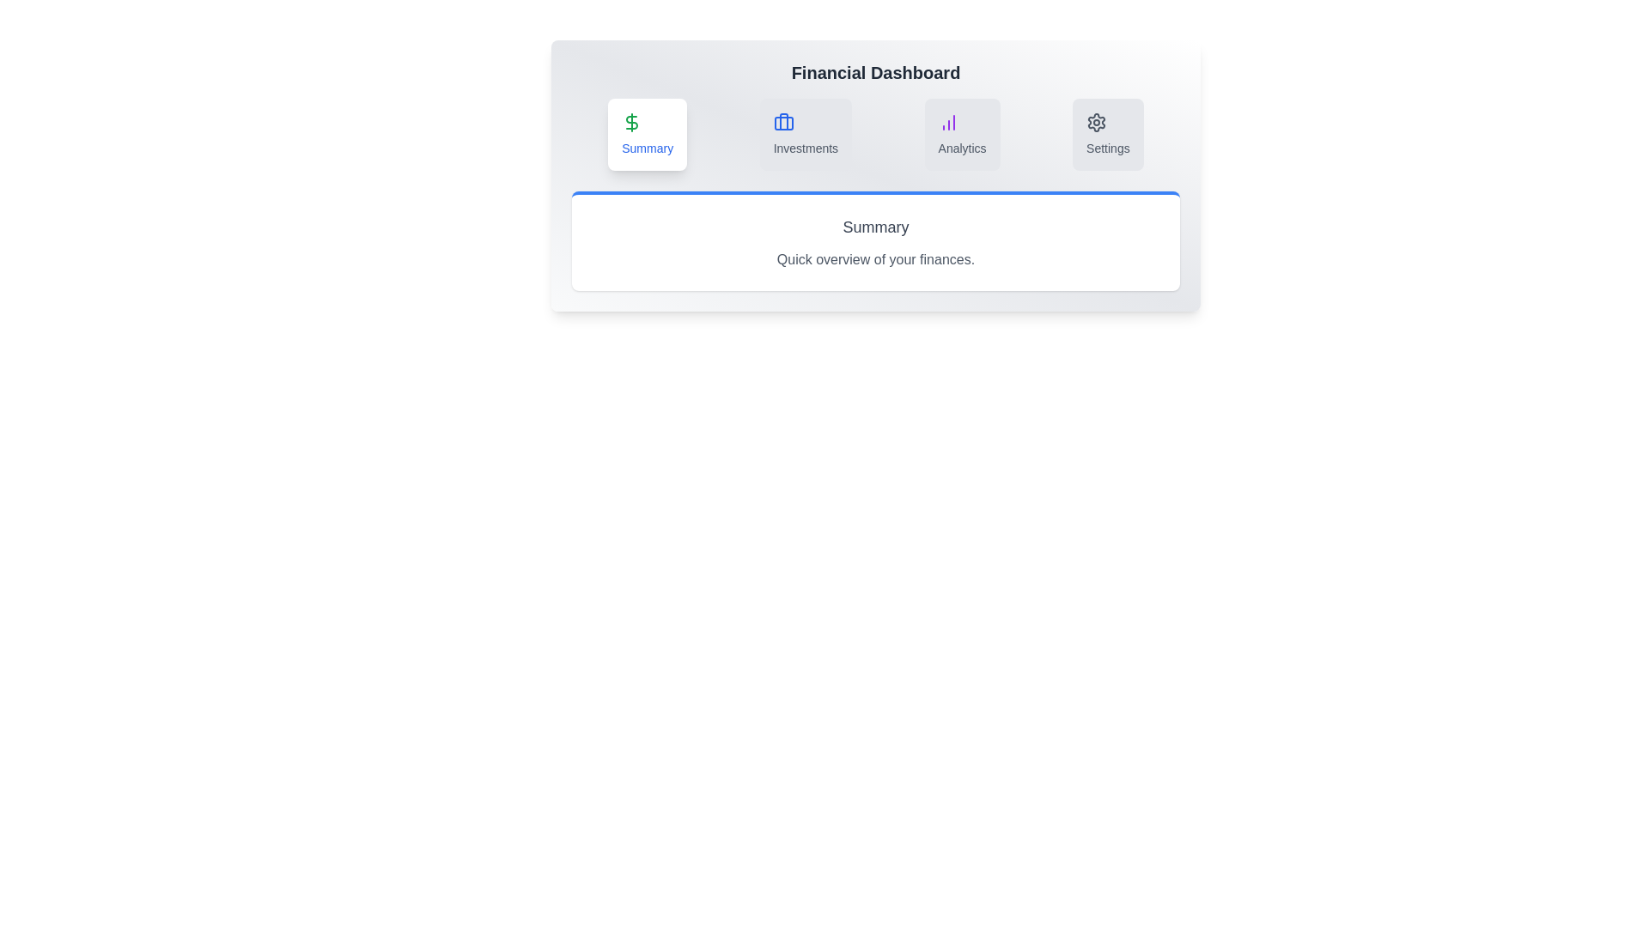 The width and height of the screenshot is (1649, 927). What do you see at coordinates (804, 134) in the screenshot?
I see `the Investments tab to view its content` at bounding box center [804, 134].